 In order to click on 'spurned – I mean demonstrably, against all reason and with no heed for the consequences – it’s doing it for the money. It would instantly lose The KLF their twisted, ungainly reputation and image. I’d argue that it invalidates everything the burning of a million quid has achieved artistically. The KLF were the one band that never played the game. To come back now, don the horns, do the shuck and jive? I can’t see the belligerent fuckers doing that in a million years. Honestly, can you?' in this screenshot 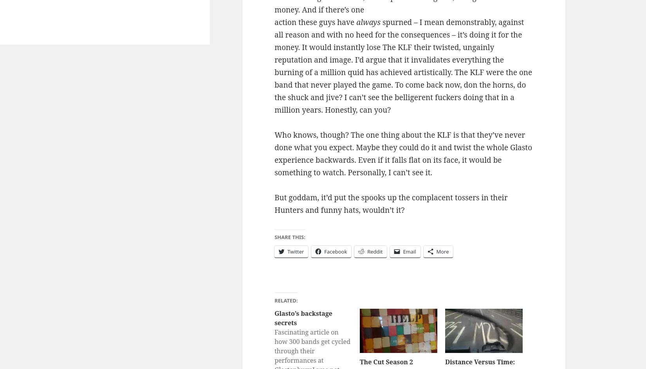, I will do `click(403, 65)`.